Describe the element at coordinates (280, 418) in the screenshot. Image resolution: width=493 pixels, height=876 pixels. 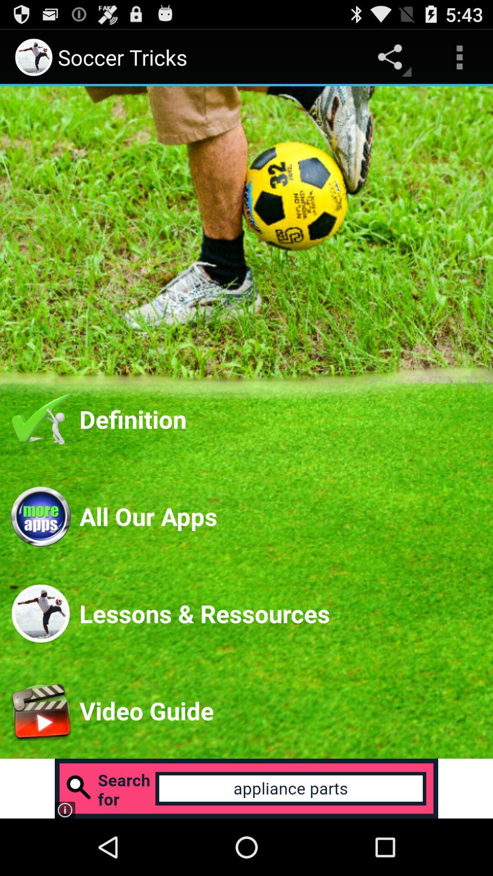
I see `the item above all our apps` at that location.